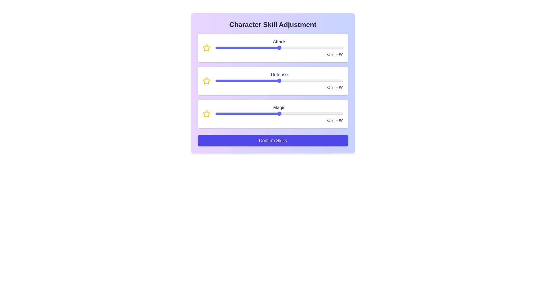 The height and width of the screenshot is (307, 546). Describe the element at coordinates (321, 81) in the screenshot. I see `the 1 slider to 66` at that location.